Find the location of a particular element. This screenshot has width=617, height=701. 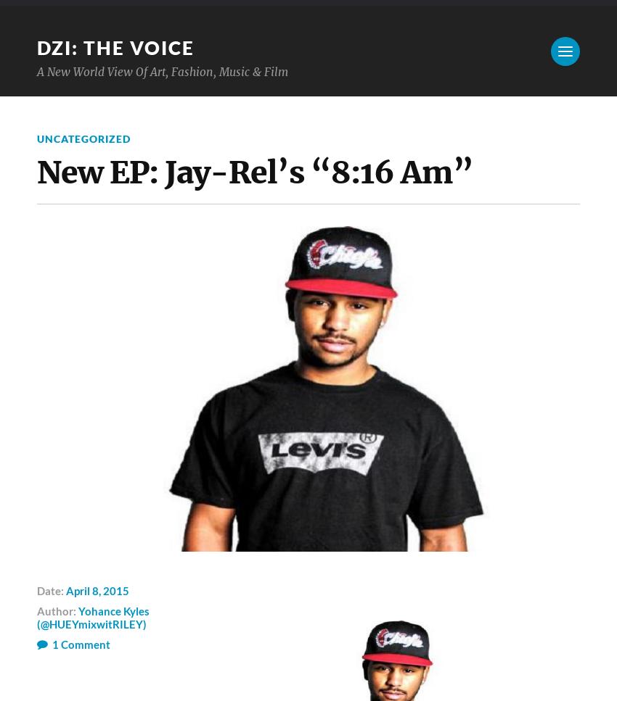

'Author:' is located at coordinates (57, 611).